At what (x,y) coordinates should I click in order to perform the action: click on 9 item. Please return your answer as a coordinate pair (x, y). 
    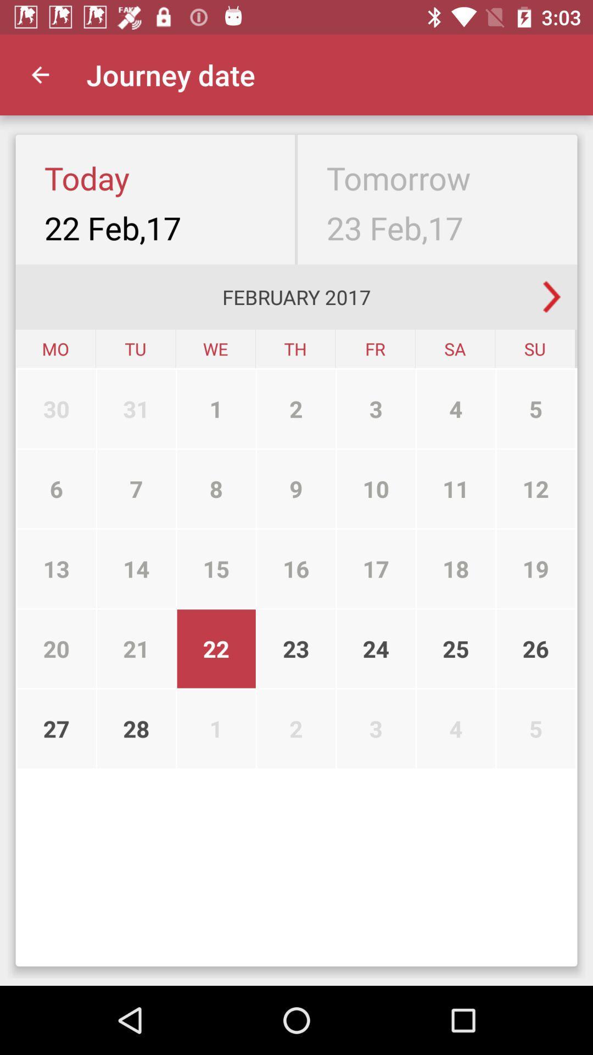
    Looking at the image, I should click on (295, 488).